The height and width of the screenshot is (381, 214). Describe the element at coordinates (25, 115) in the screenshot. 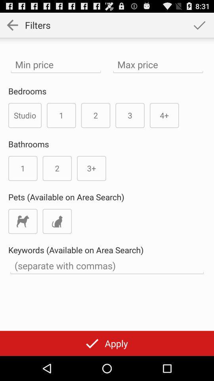

I see `the item next to the 1 item` at that location.